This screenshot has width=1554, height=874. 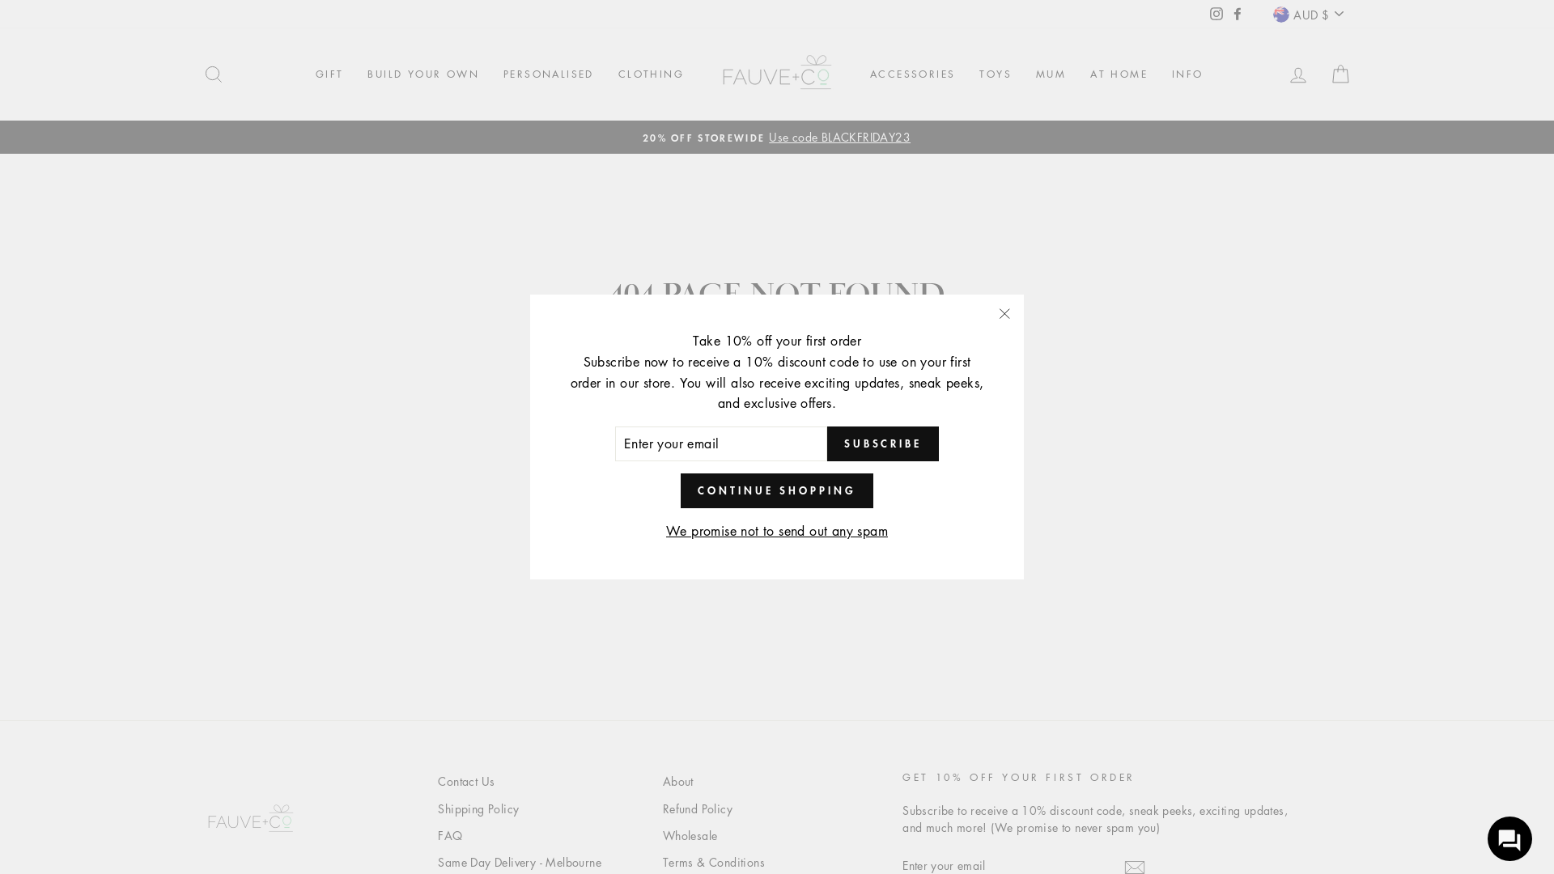 What do you see at coordinates (193, 74) in the screenshot?
I see `'SEARCH'` at bounding box center [193, 74].